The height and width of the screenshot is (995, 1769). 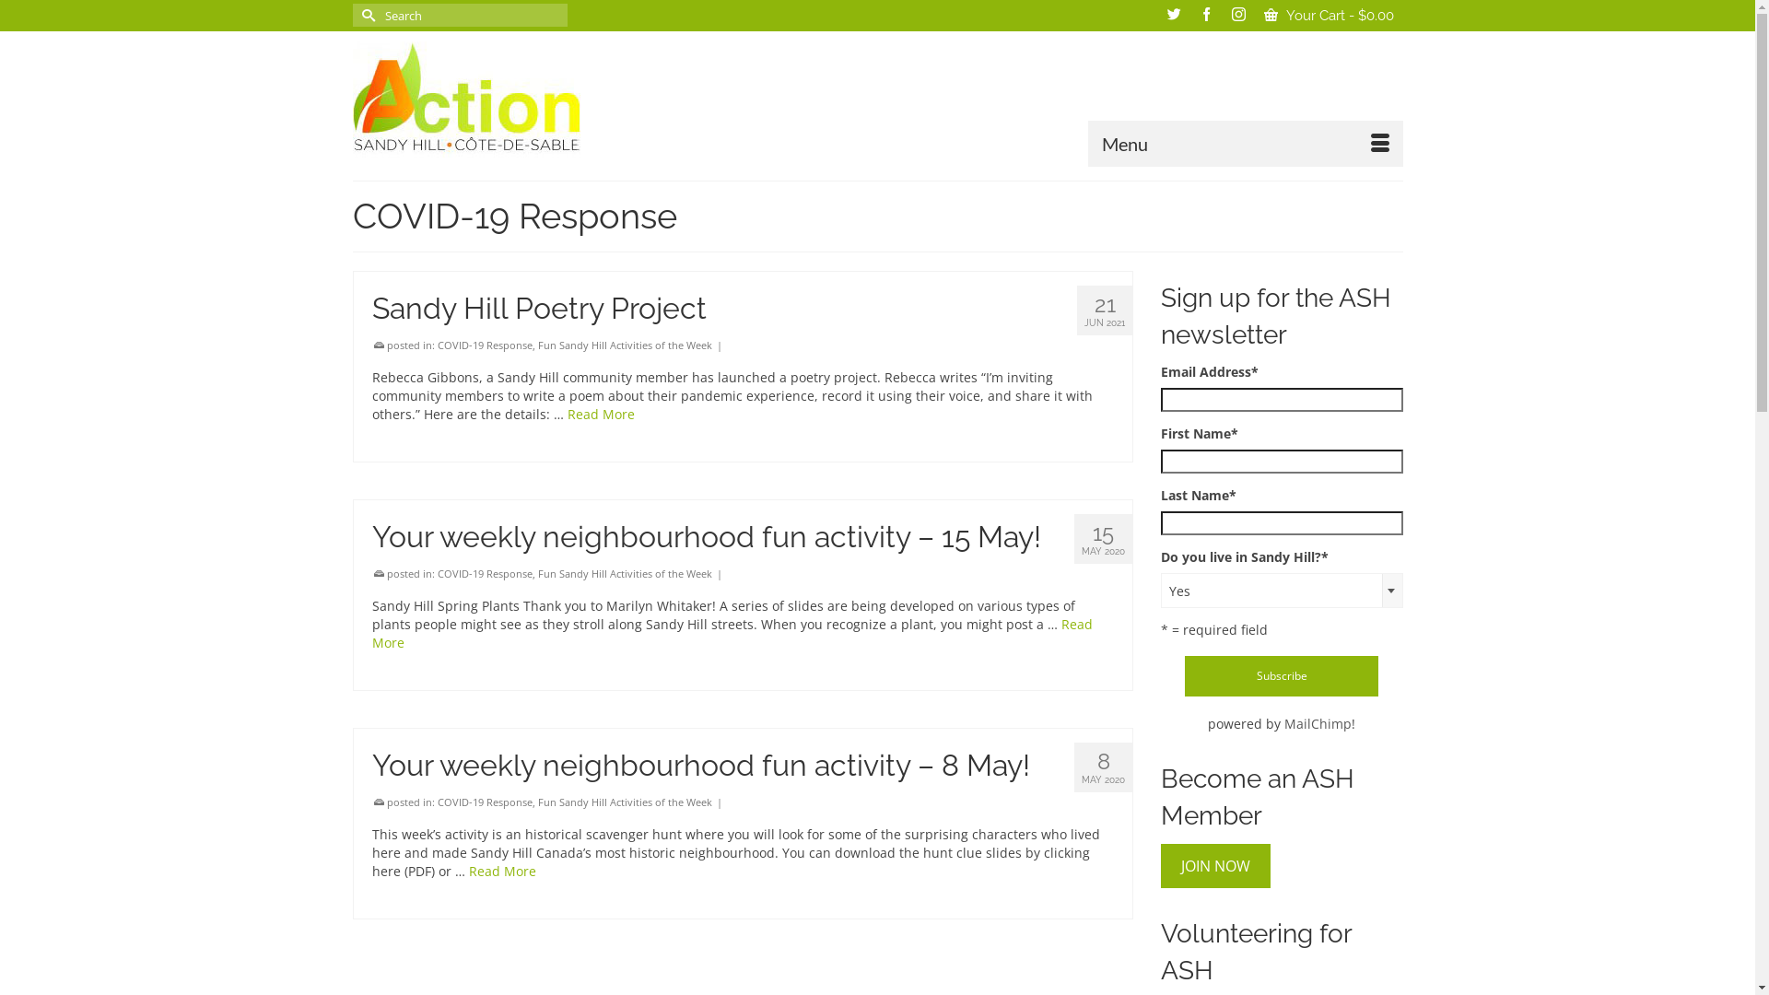 I want to click on 'Fun Sandy Hill Activities of the Week', so click(x=625, y=345).